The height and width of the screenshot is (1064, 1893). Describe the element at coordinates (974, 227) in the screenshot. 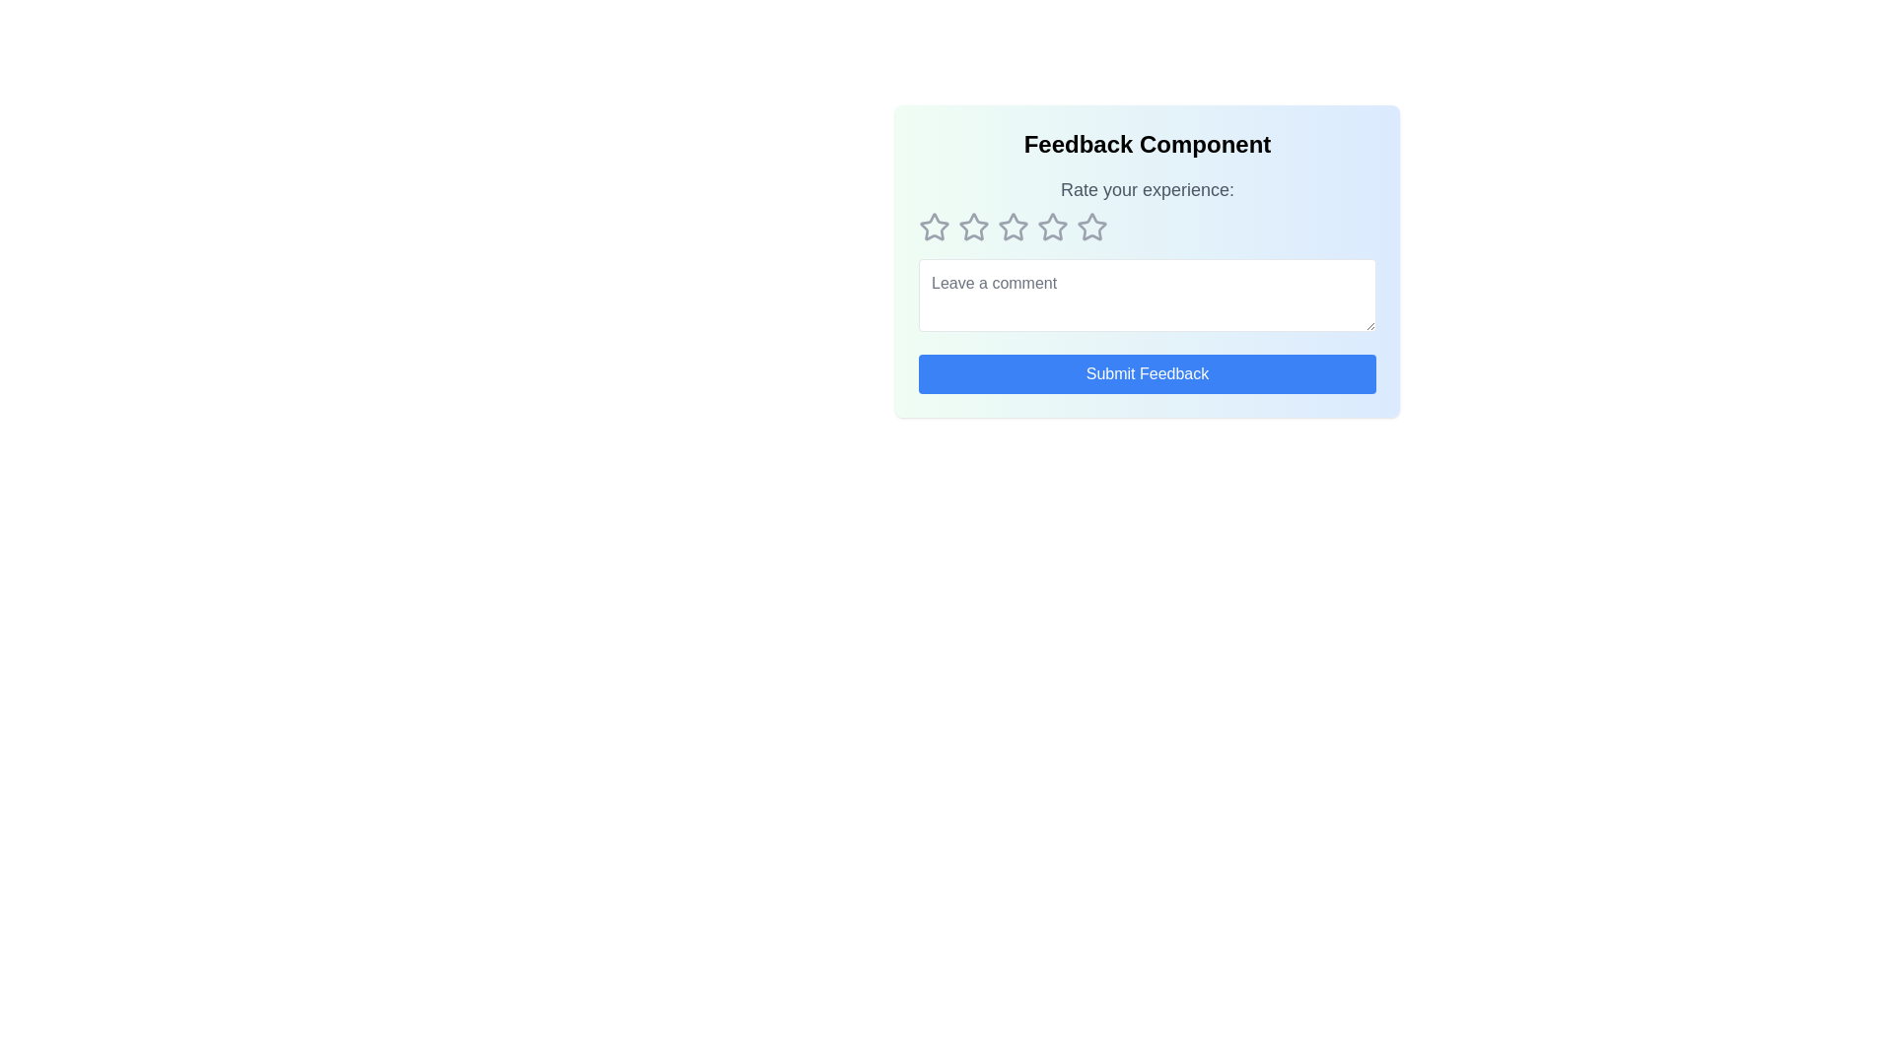

I see `the second star icon in the rating component of the feedback form` at that location.